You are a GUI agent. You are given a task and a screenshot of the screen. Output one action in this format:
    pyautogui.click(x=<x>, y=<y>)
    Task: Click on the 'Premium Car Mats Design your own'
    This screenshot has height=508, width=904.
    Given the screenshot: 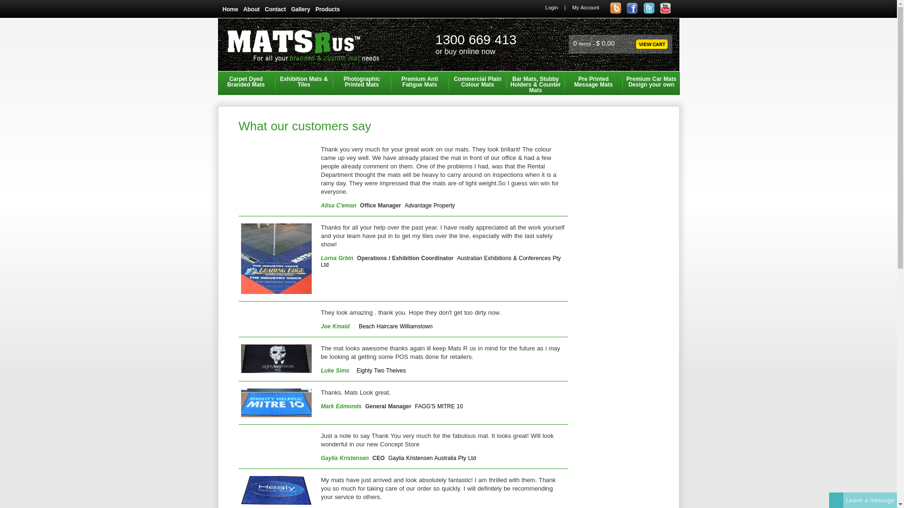 What is the action you would take?
    pyautogui.click(x=651, y=83)
    